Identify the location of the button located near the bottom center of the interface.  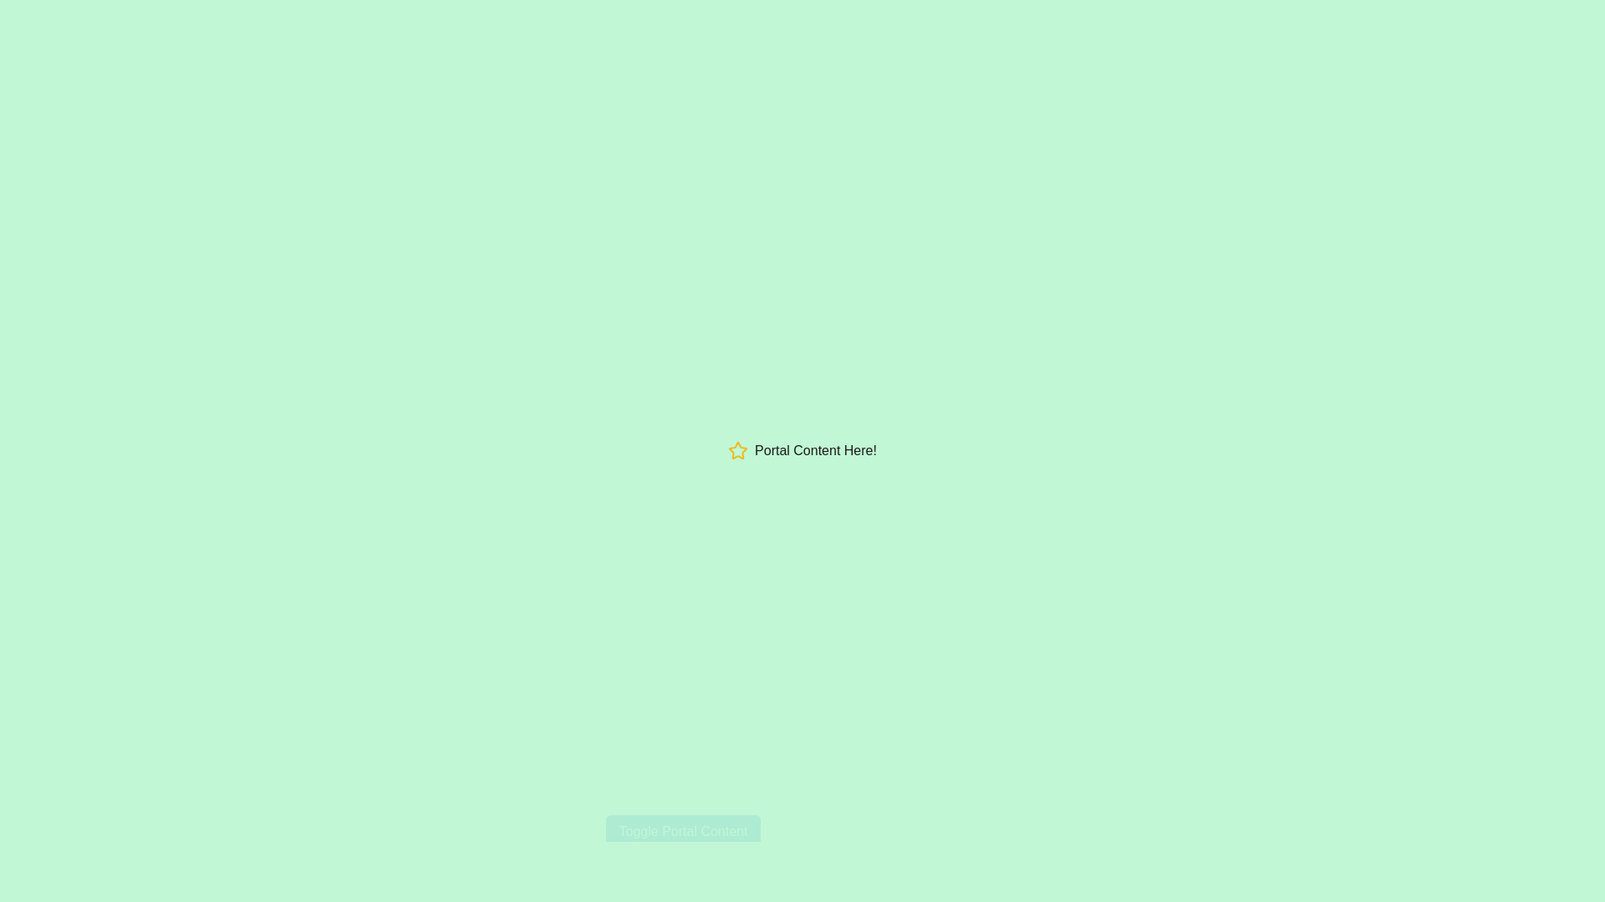
(683, 831).